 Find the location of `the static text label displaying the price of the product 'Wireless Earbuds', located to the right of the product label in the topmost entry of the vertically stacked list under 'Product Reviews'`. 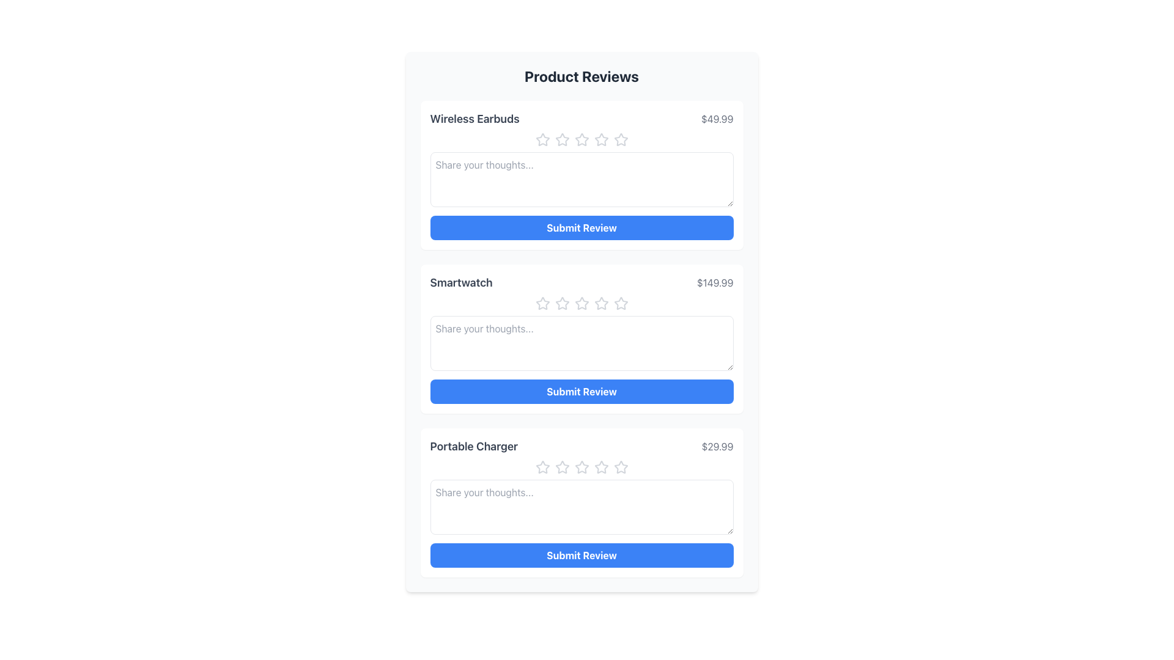

the static text label displaying the price of the product 'Wireless Earbuds', located to the right of the product label in the topmost entry of the vertically stacked list under 'Product Reviews' is located at coordinates (717, 119).